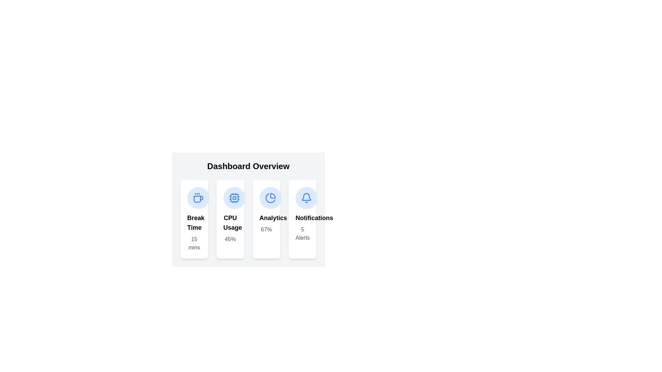 The width and height of the screenshot is (662, 372). I want to click on the Text Label that displays the percentage value associated with the 'Analytics' card, located at the bottom of the card directly below the title 'Analytics', so click(266, 230).